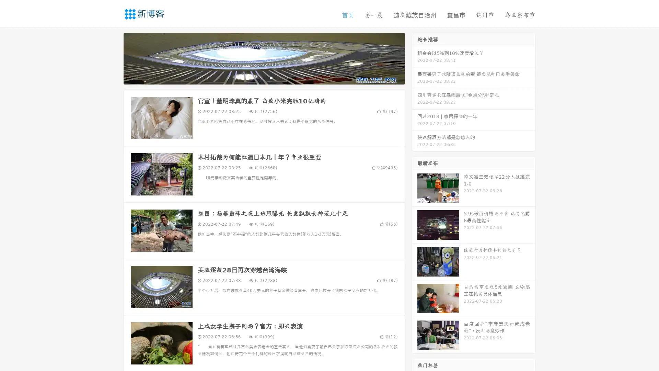 The height and width of the screenshot is (371, 659). What do you see at coordinates (415, 58) in the screenshot?
I see `Next slide` at bounding box center [415, 58].